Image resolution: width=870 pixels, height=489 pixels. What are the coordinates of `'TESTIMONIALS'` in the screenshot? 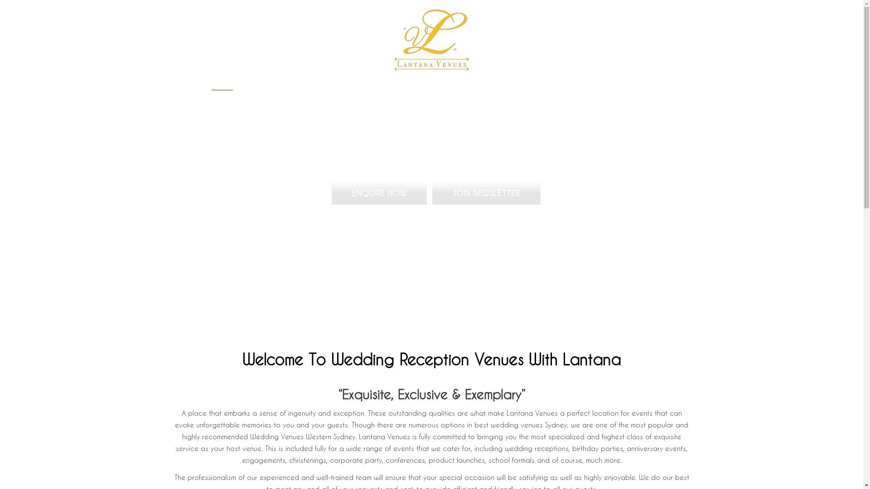 It's located at (556, 85).